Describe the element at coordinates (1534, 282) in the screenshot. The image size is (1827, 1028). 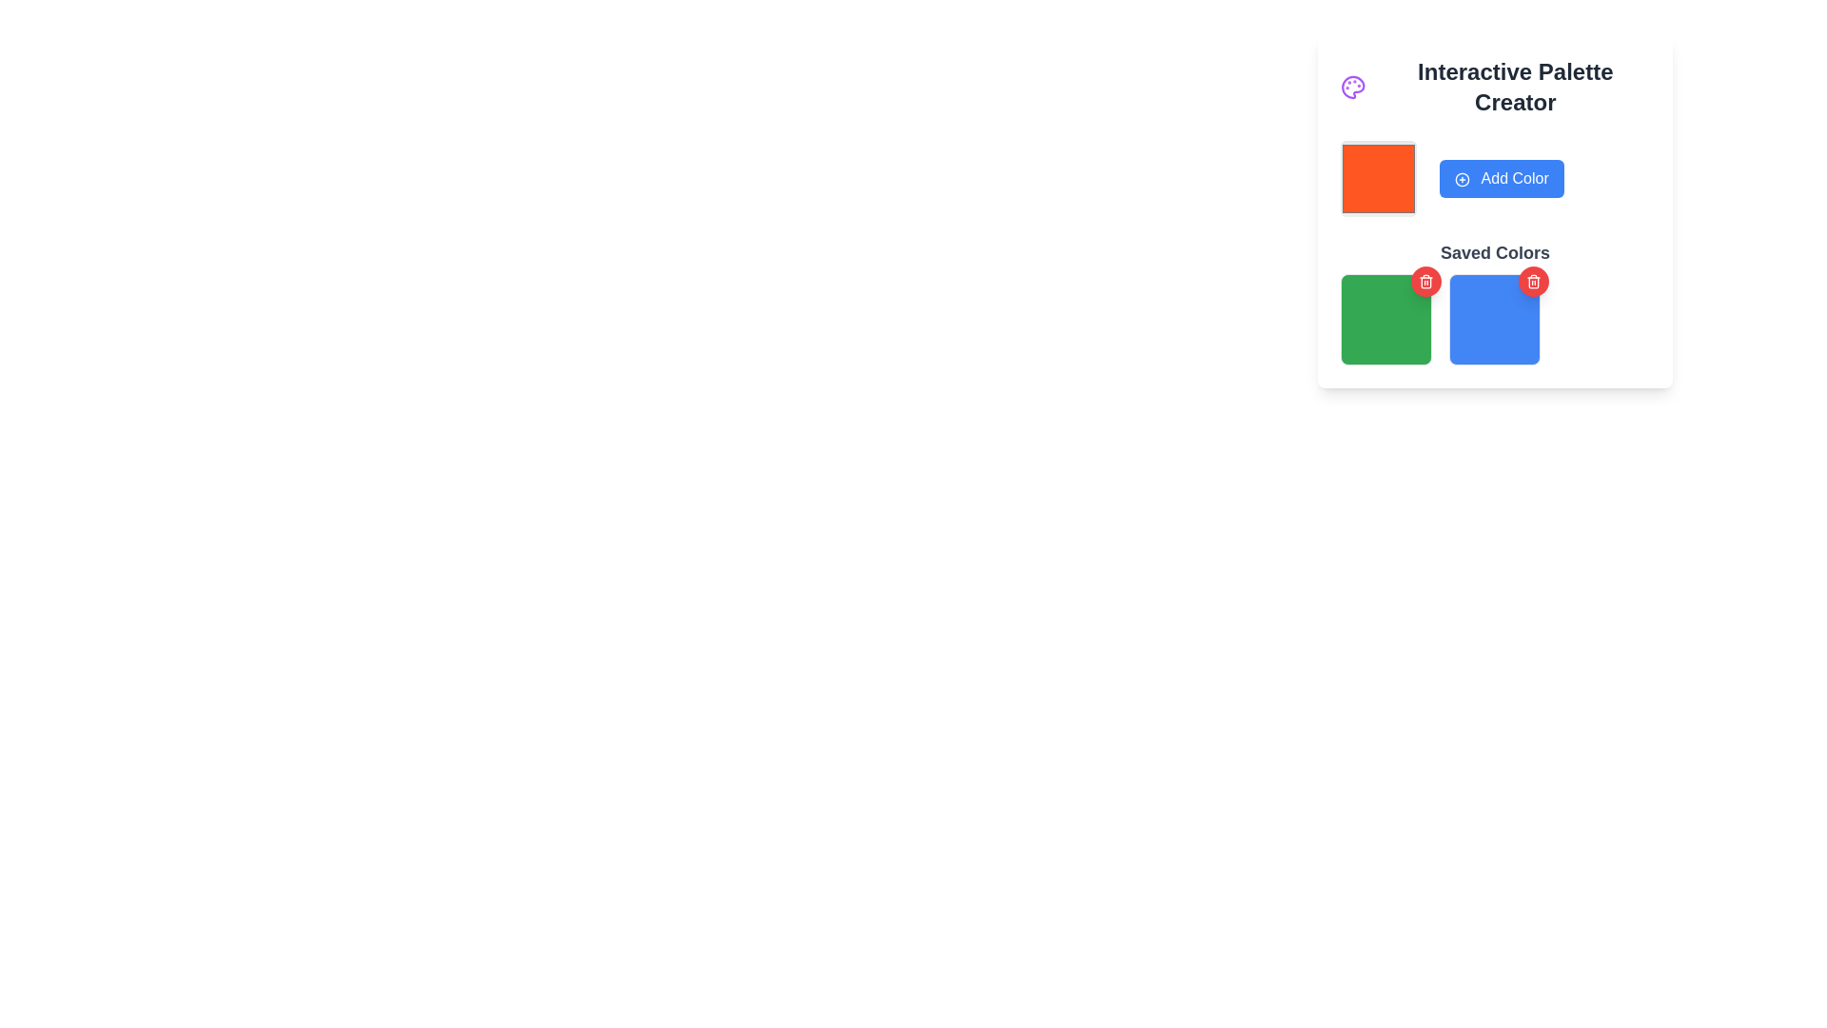
I see `the delete icon button` at that location.